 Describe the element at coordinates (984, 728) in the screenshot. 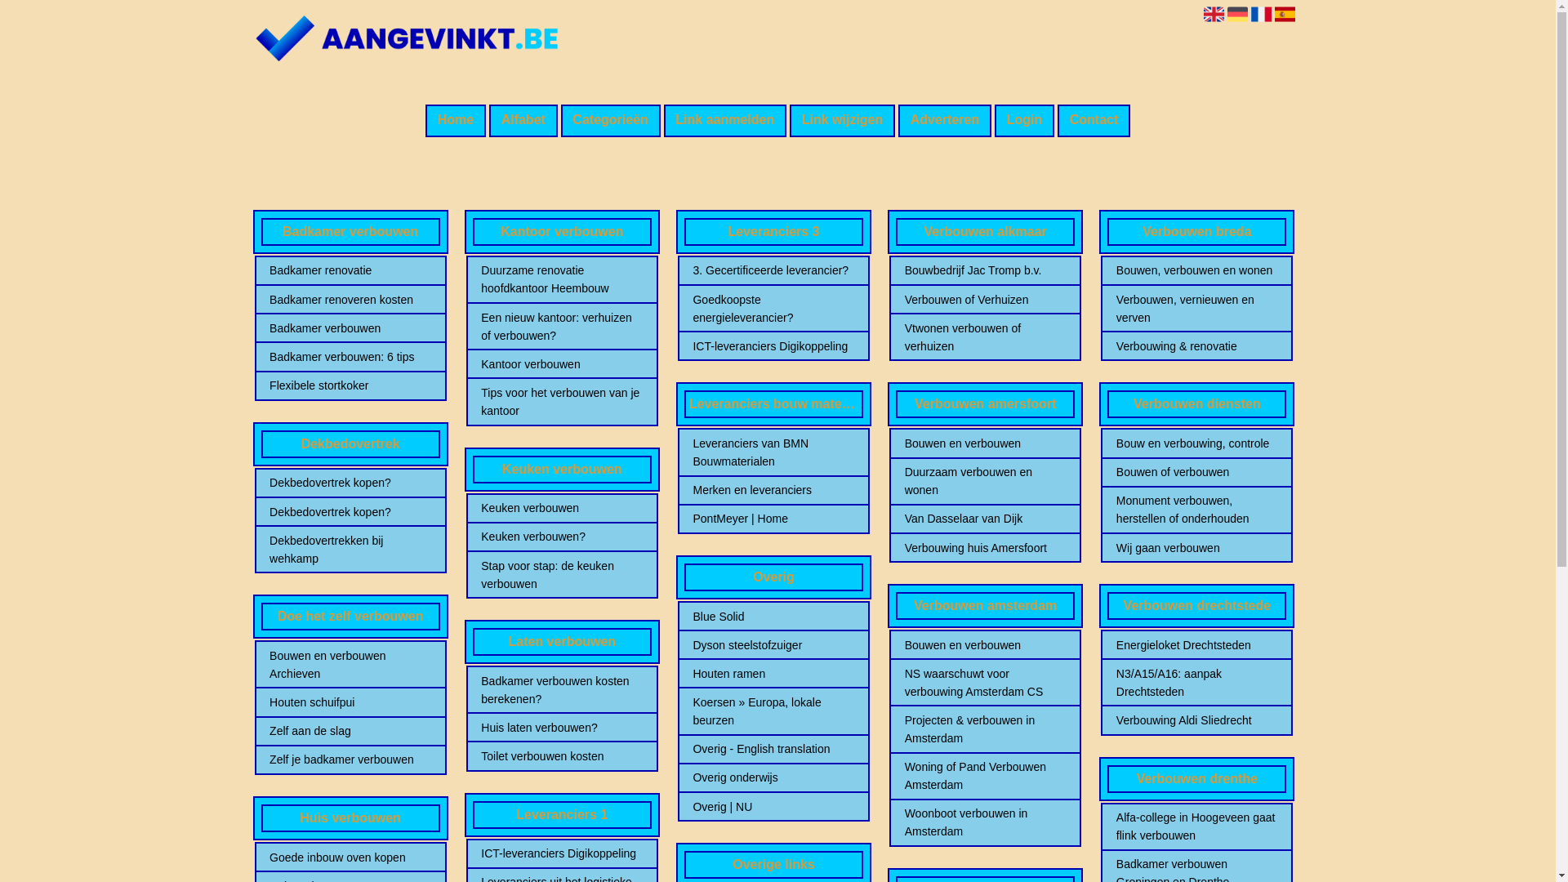

I see `'Projecten & verbouwen in Amsterdam'` at that location.